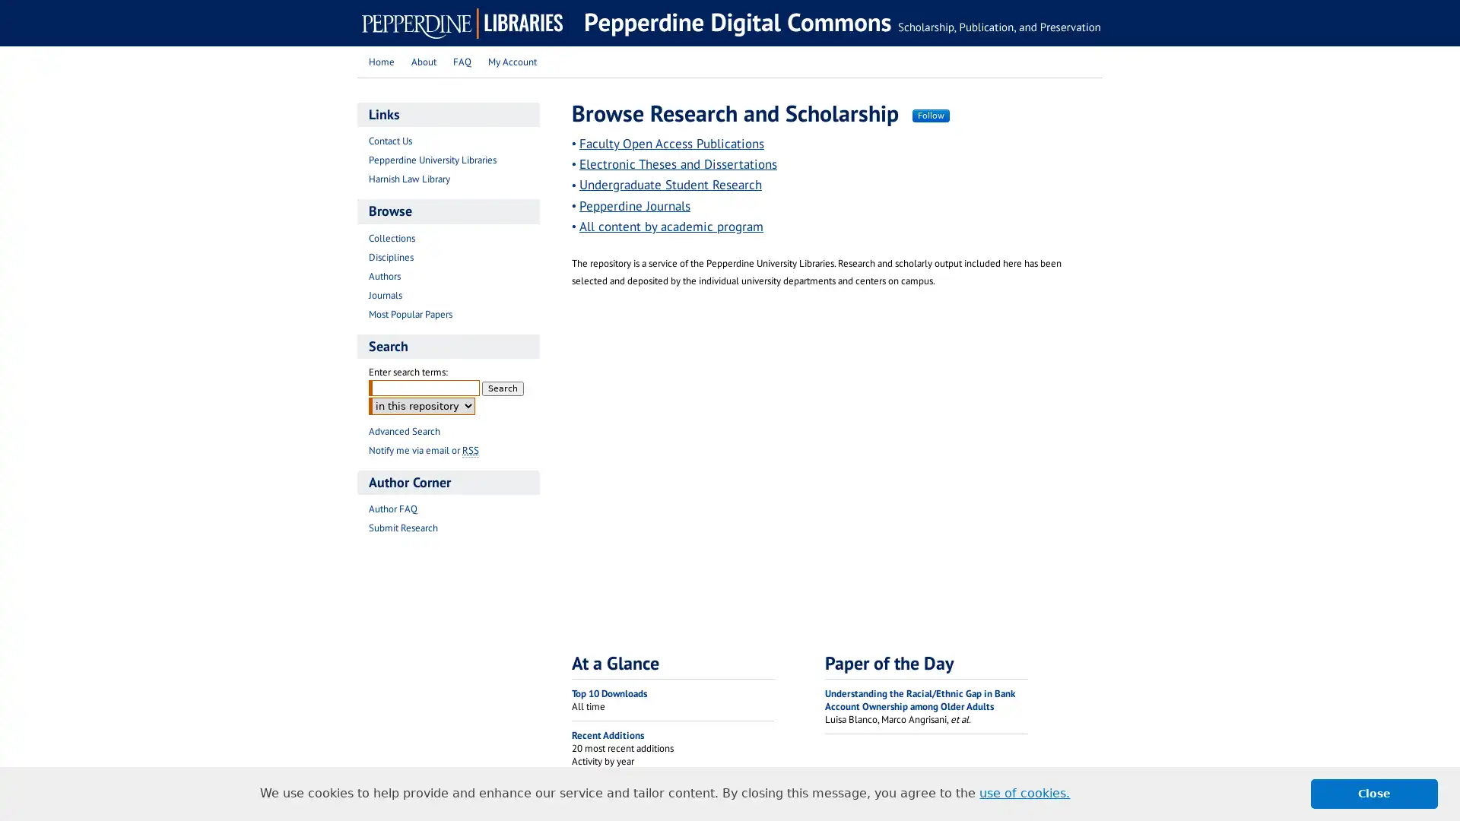 This screenshot has width=1460, height=821. I want to click on learn more about cookies, so click(1024, 793).